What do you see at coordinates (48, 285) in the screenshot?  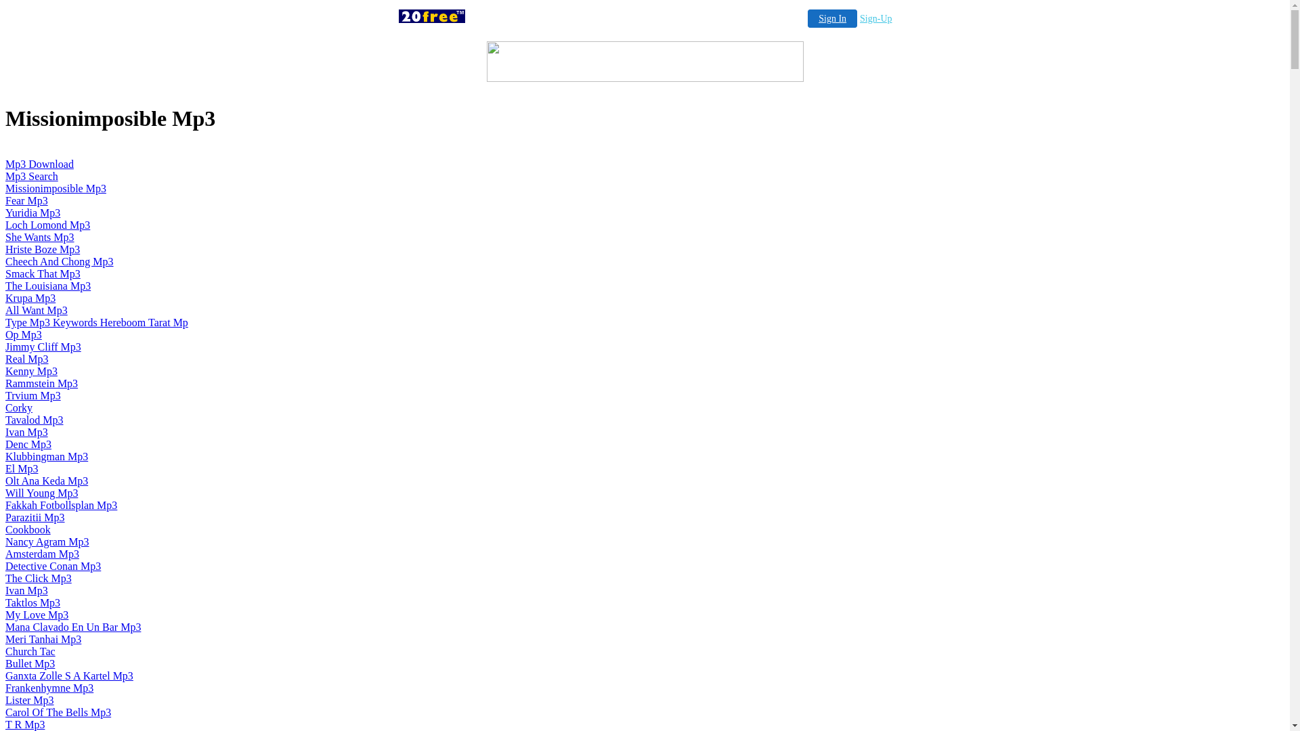 I see `'The Louisiana Mp3'` at bounding box center [48, 285].